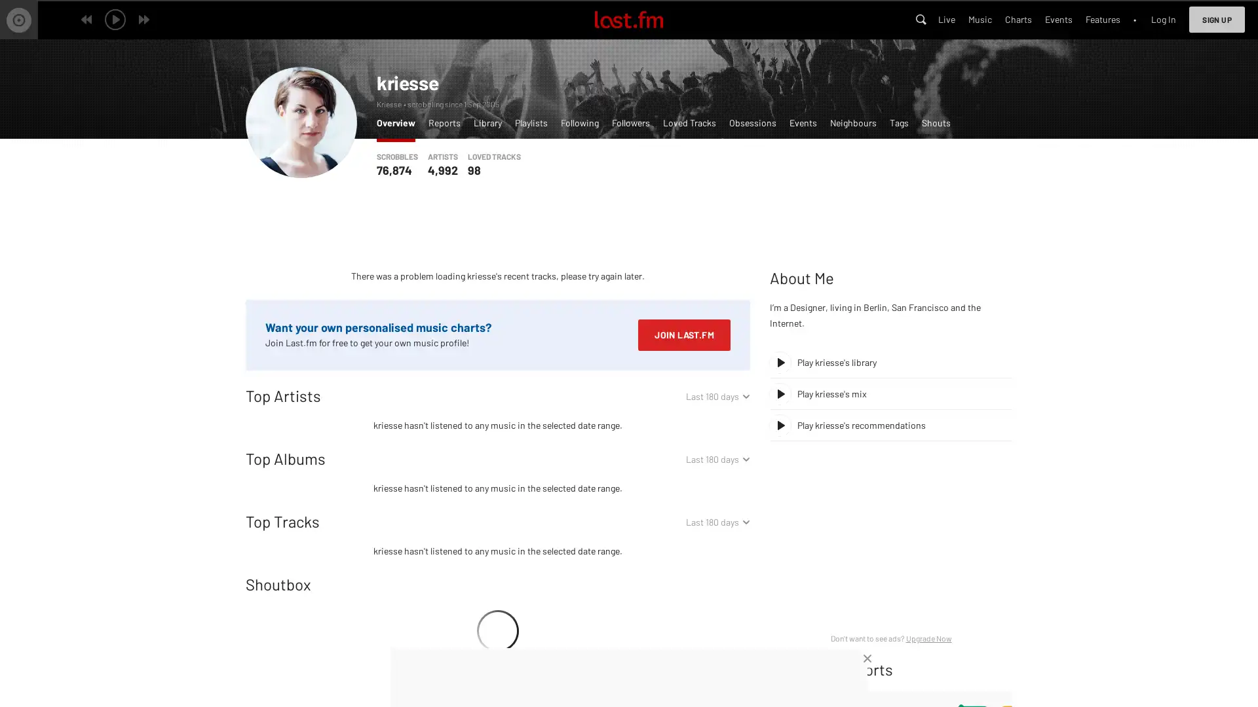  Describe the element at coordinates (890, 393) in the screenshot. I see `Play kriesse's mix` at that location.